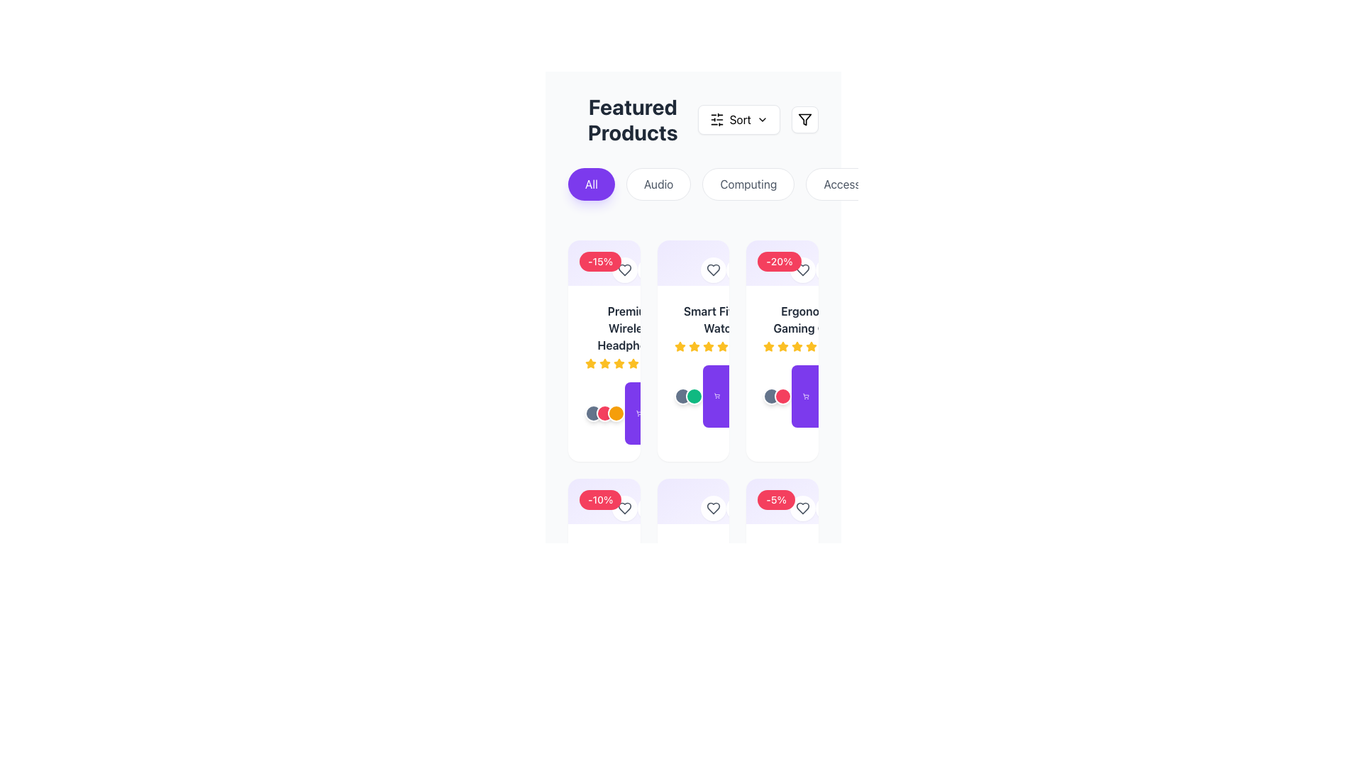 The height and width of the screenshot is (766, 1362). I want to click on the sorting button located to the right of the 'Featured Products' label, so click(757, 119).